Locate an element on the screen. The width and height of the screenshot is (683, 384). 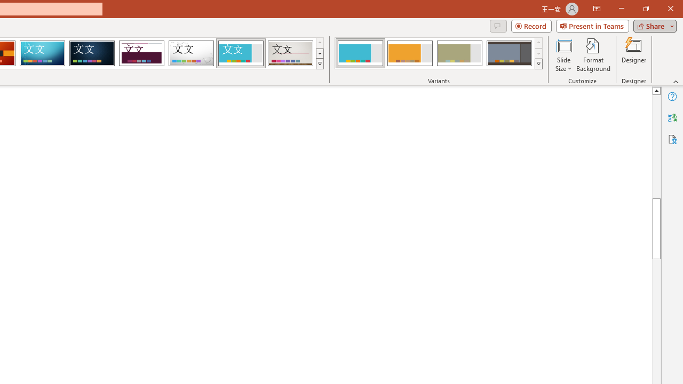
'Frame Variant 2' is located at coordinates (409, 53).